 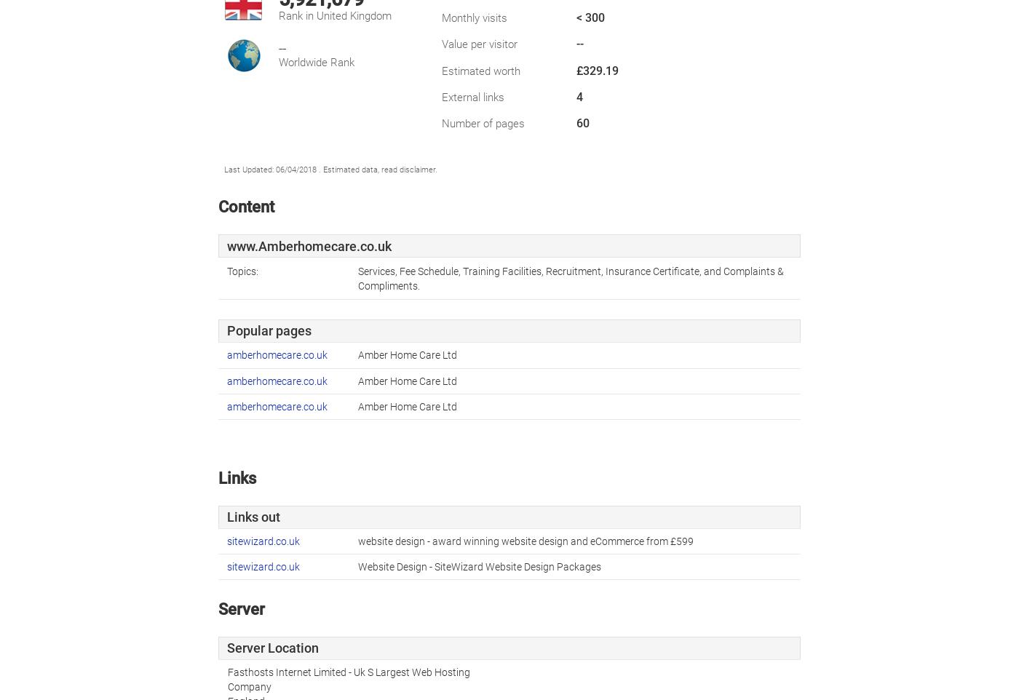 I want to click on 'Content', so click(x=246, y=206).